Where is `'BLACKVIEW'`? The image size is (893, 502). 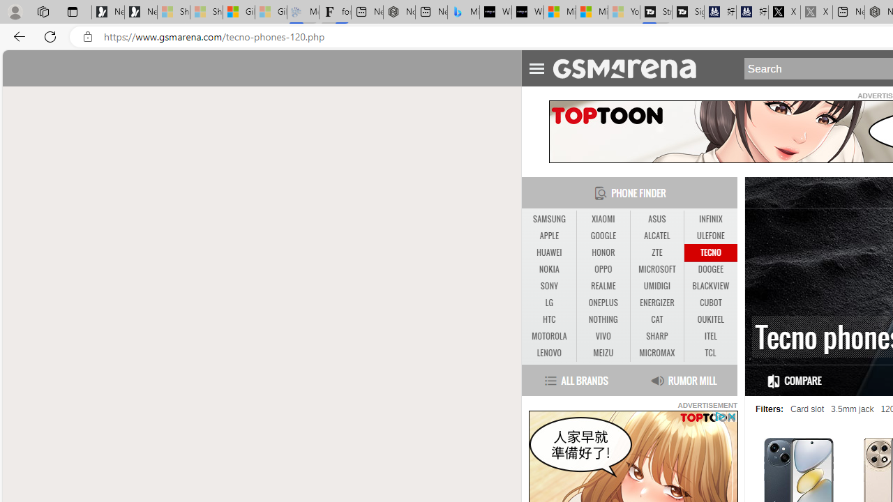 'BLACKVIEW' is located at coordinates (710, 285).